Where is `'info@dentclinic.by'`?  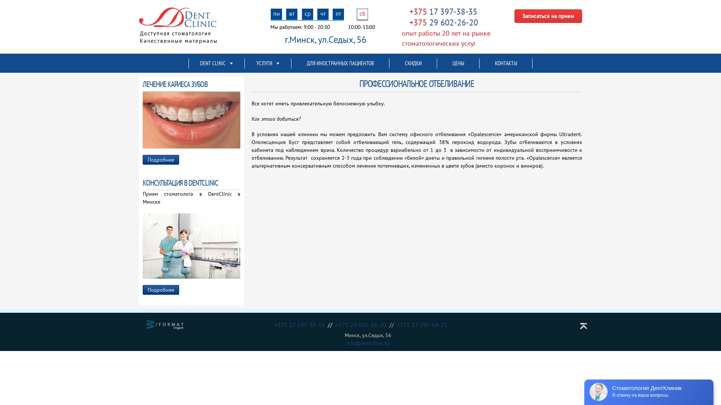 'info@dentclinic.by' is located at coordinates (368, 343).